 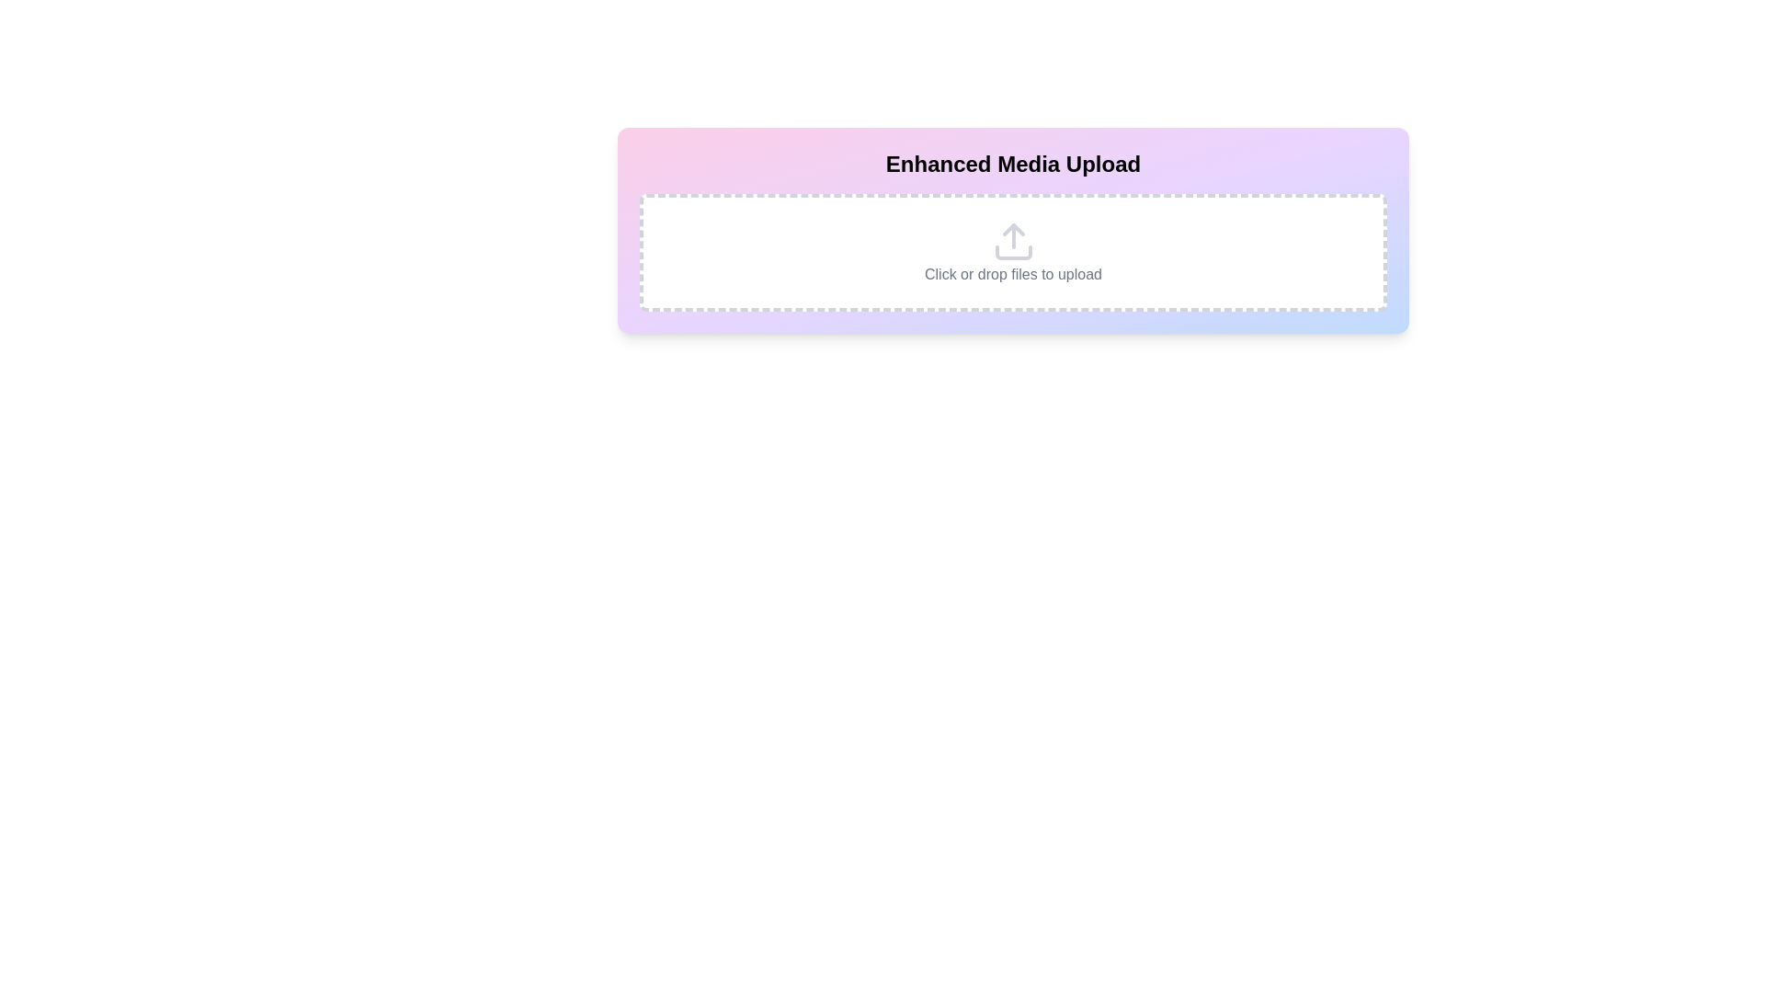 What do you see at coordinates (1012, 252) in the screenshot?
I see `the interactive dropzone component located below the text 'Enhanced Media Upload'` at bounding box center [1012, 252].